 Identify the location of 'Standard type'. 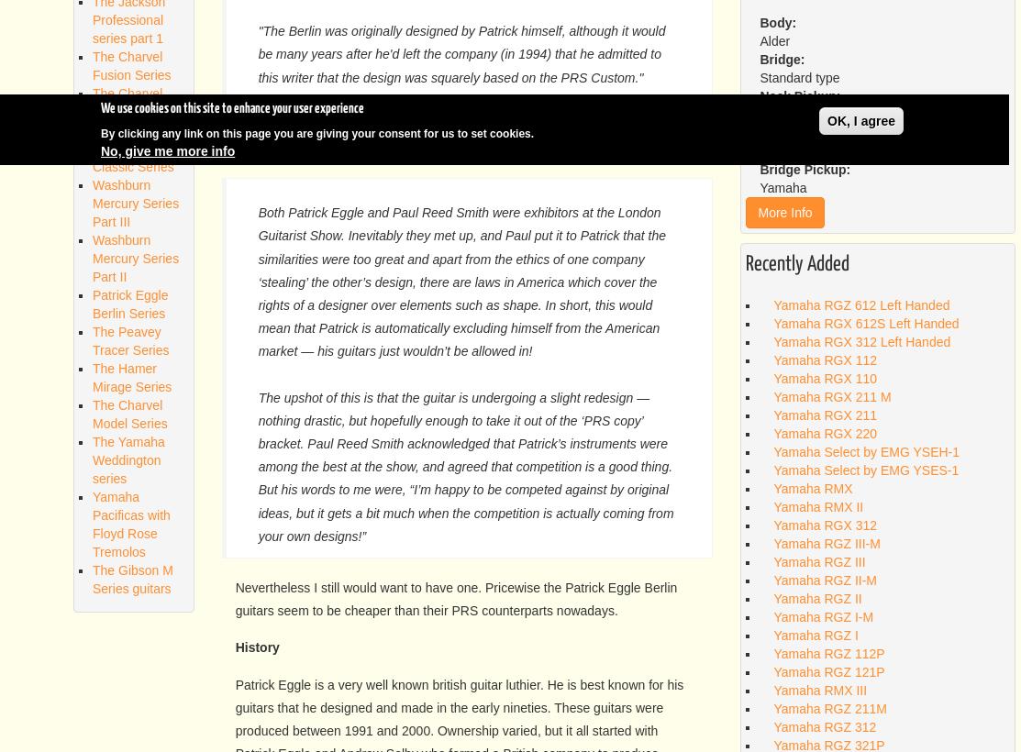
(799, 78).